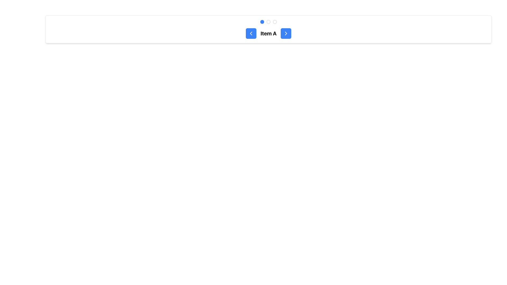 The height and width of the screenshot is (285, 507). Describe the element at coordinates (286, 34) in the screenshot. I see `the chevron arrow, which serves as the rightward navigation indicator located at the center of the blue button on the right-hand side of the carousel navigation area` at that location.